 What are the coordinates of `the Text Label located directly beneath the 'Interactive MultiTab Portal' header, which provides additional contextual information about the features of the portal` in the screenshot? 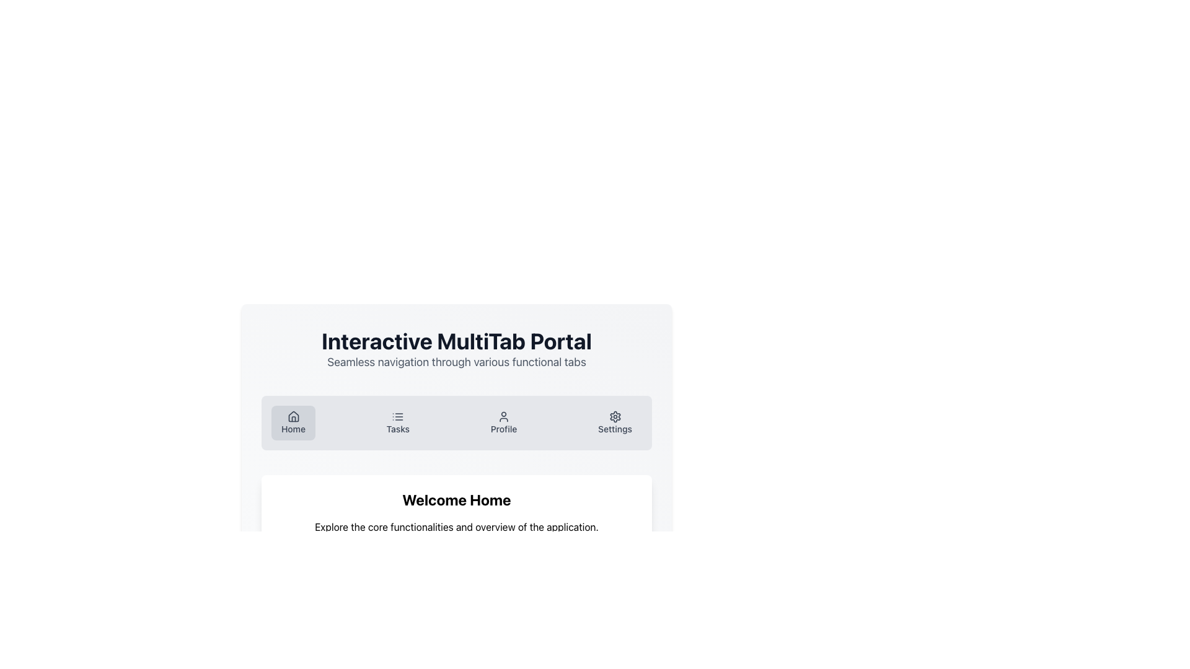 It's located at (456, 362).